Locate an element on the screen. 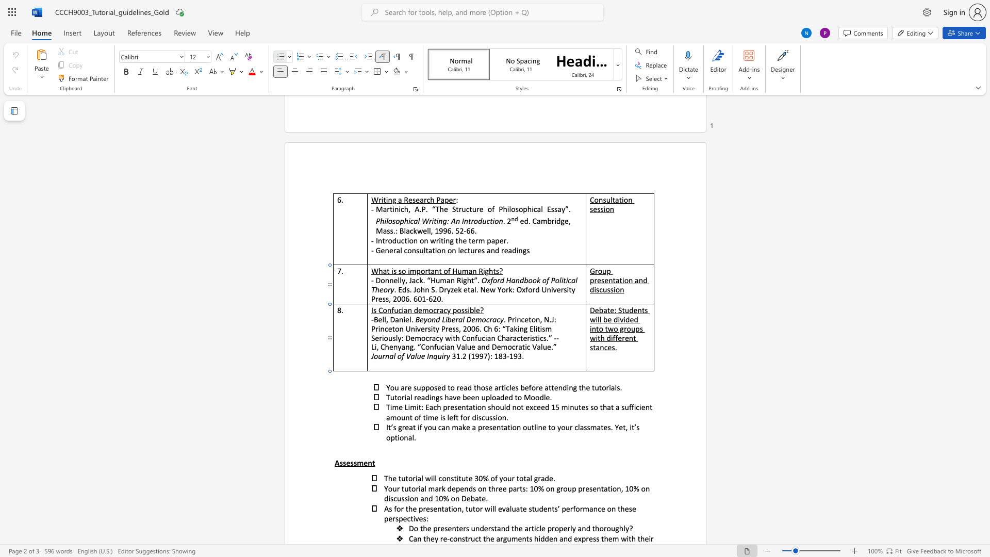 This screenshot has height=557, width=990. the 2th character "e" in the text is located at coordinates (366, 462).